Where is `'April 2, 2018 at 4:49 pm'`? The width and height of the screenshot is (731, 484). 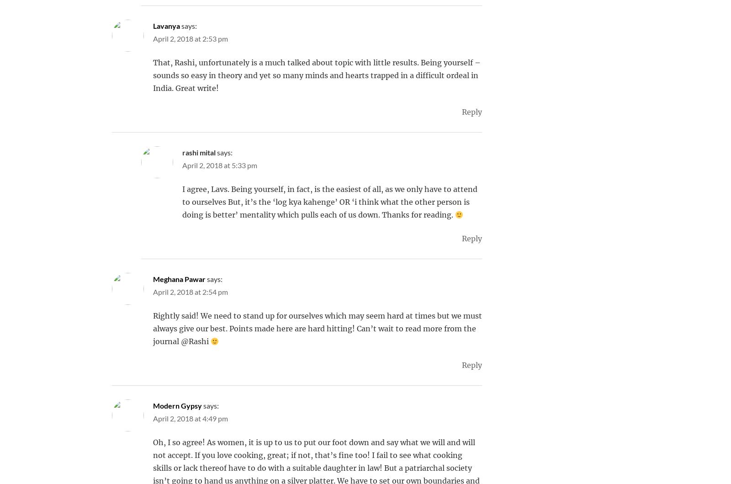 'April 2, 2018 at 4:49 pm' is located at coordinates (190, 418).